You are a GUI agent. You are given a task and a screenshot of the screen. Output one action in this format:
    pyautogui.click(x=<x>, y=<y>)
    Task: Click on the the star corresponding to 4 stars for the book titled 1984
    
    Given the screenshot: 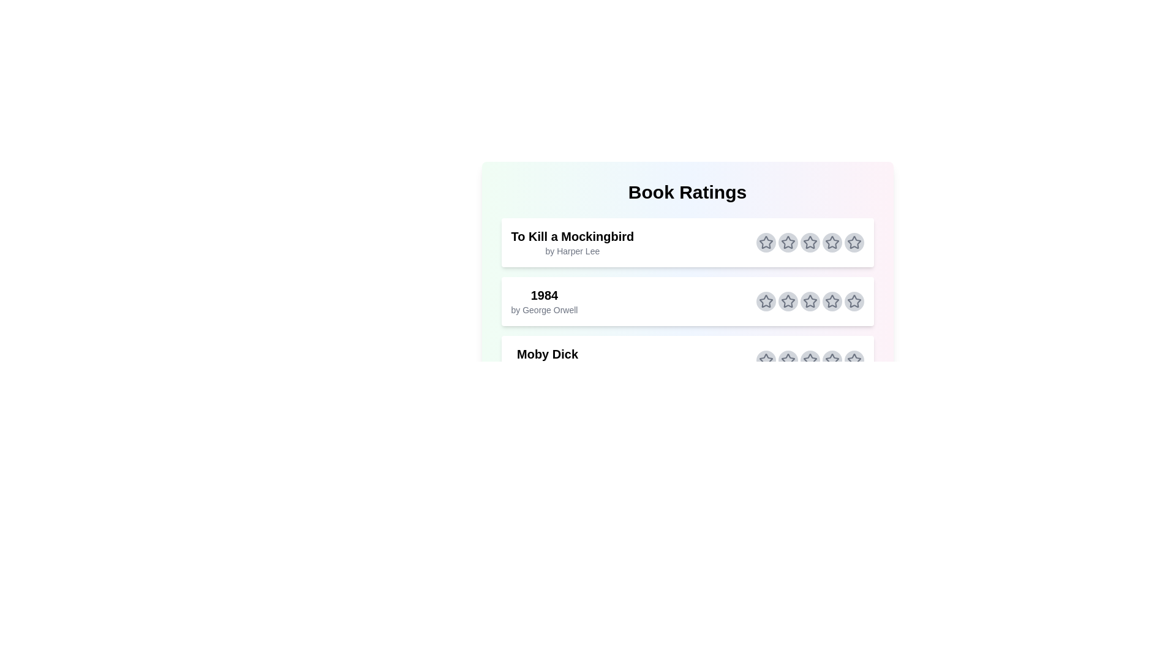 What is the action you would take?
    pyautogui.click(x=832, y=302)
    